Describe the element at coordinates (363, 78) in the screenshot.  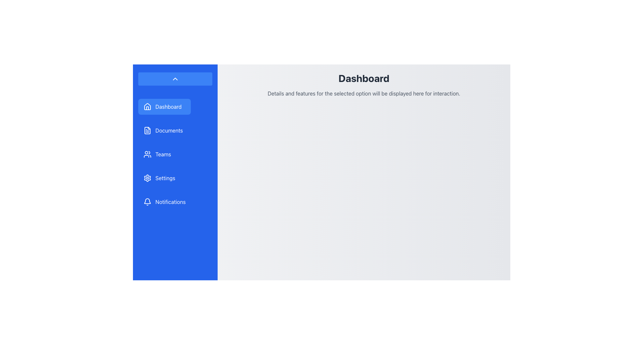
I see `the bold 'Dashboard' text label located prominently at the top of the right content panel` at that location.